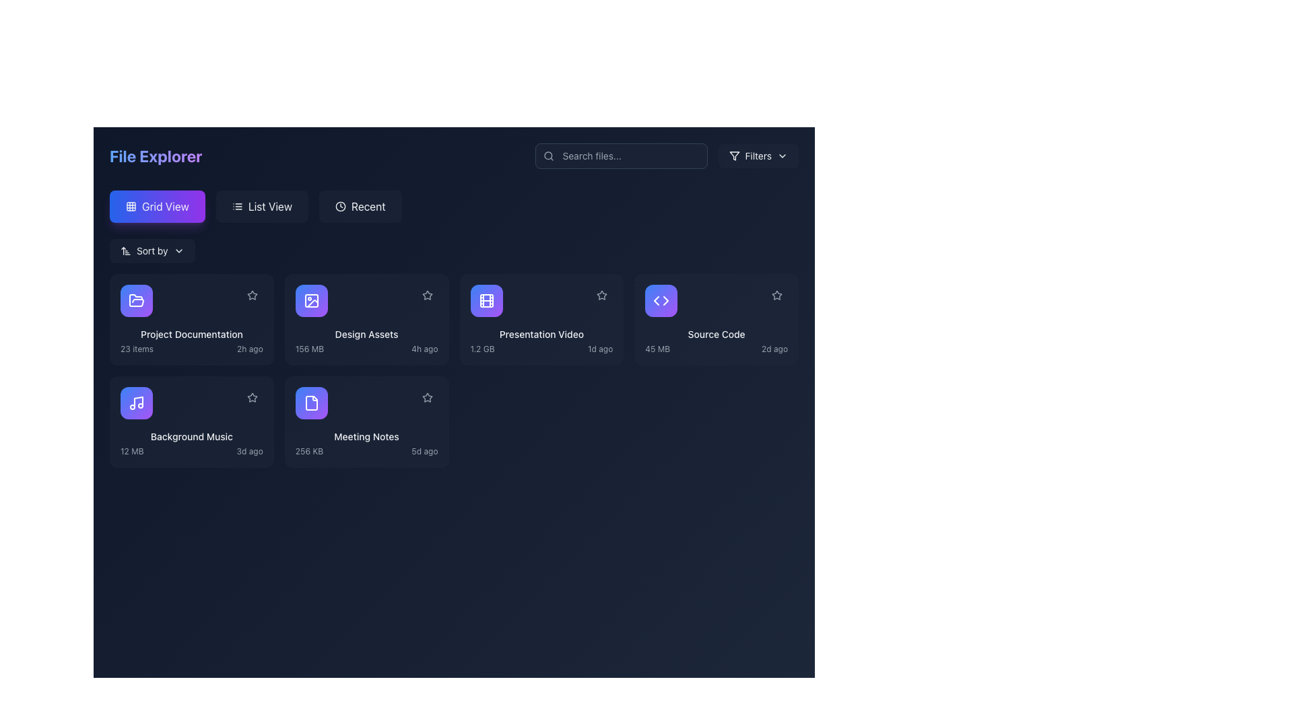 The height and width of the screenshot is (727, 1293). I want to click on the star-shaped icon with a hollow outline located to the right within the 'Project Documentation' card, so click(252, 295).